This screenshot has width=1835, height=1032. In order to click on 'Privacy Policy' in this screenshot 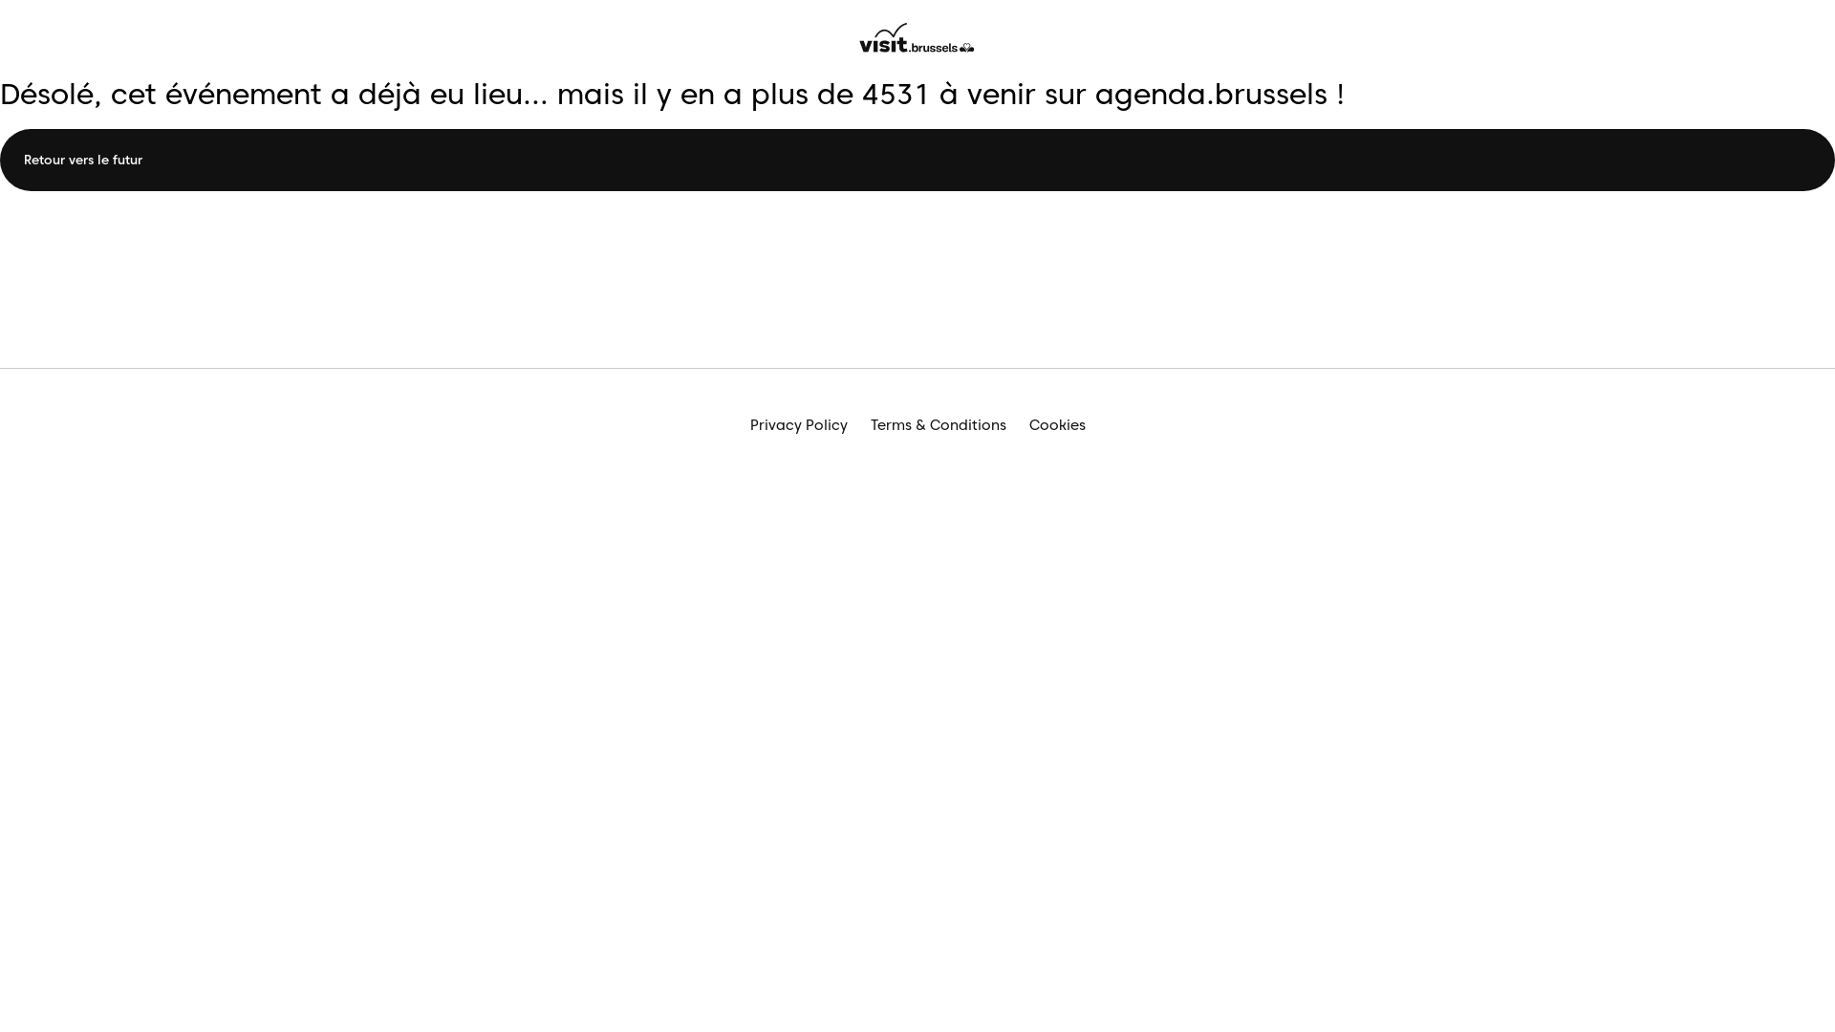, I will do `click(747, 424)`.